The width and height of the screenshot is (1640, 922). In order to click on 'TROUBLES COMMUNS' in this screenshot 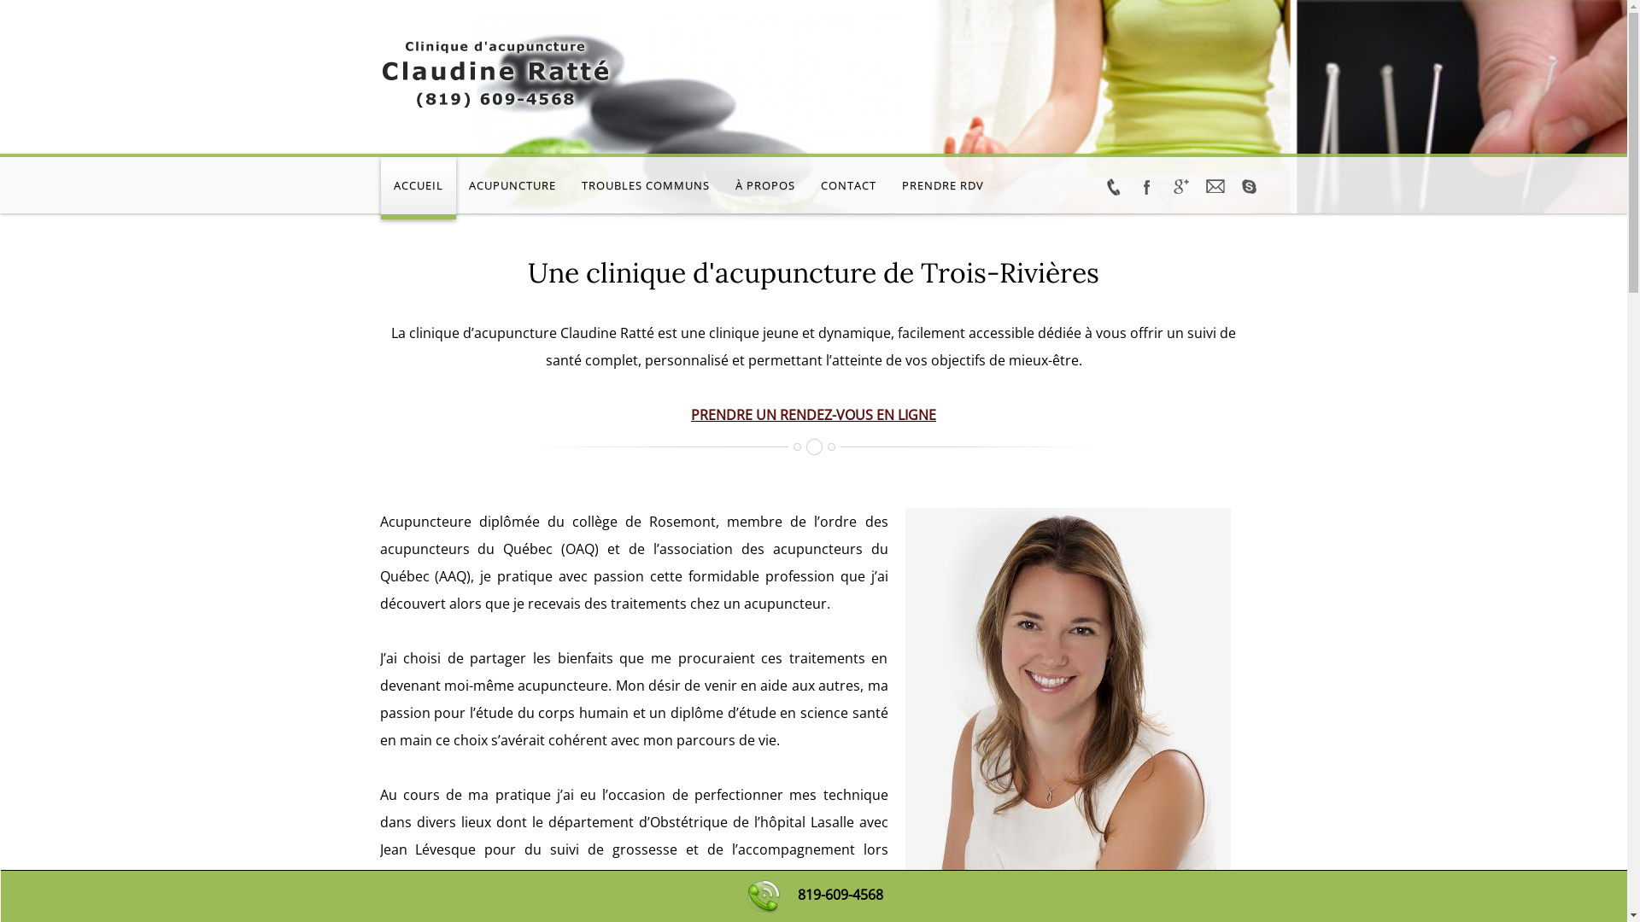, I will do `click(644, 188)`.